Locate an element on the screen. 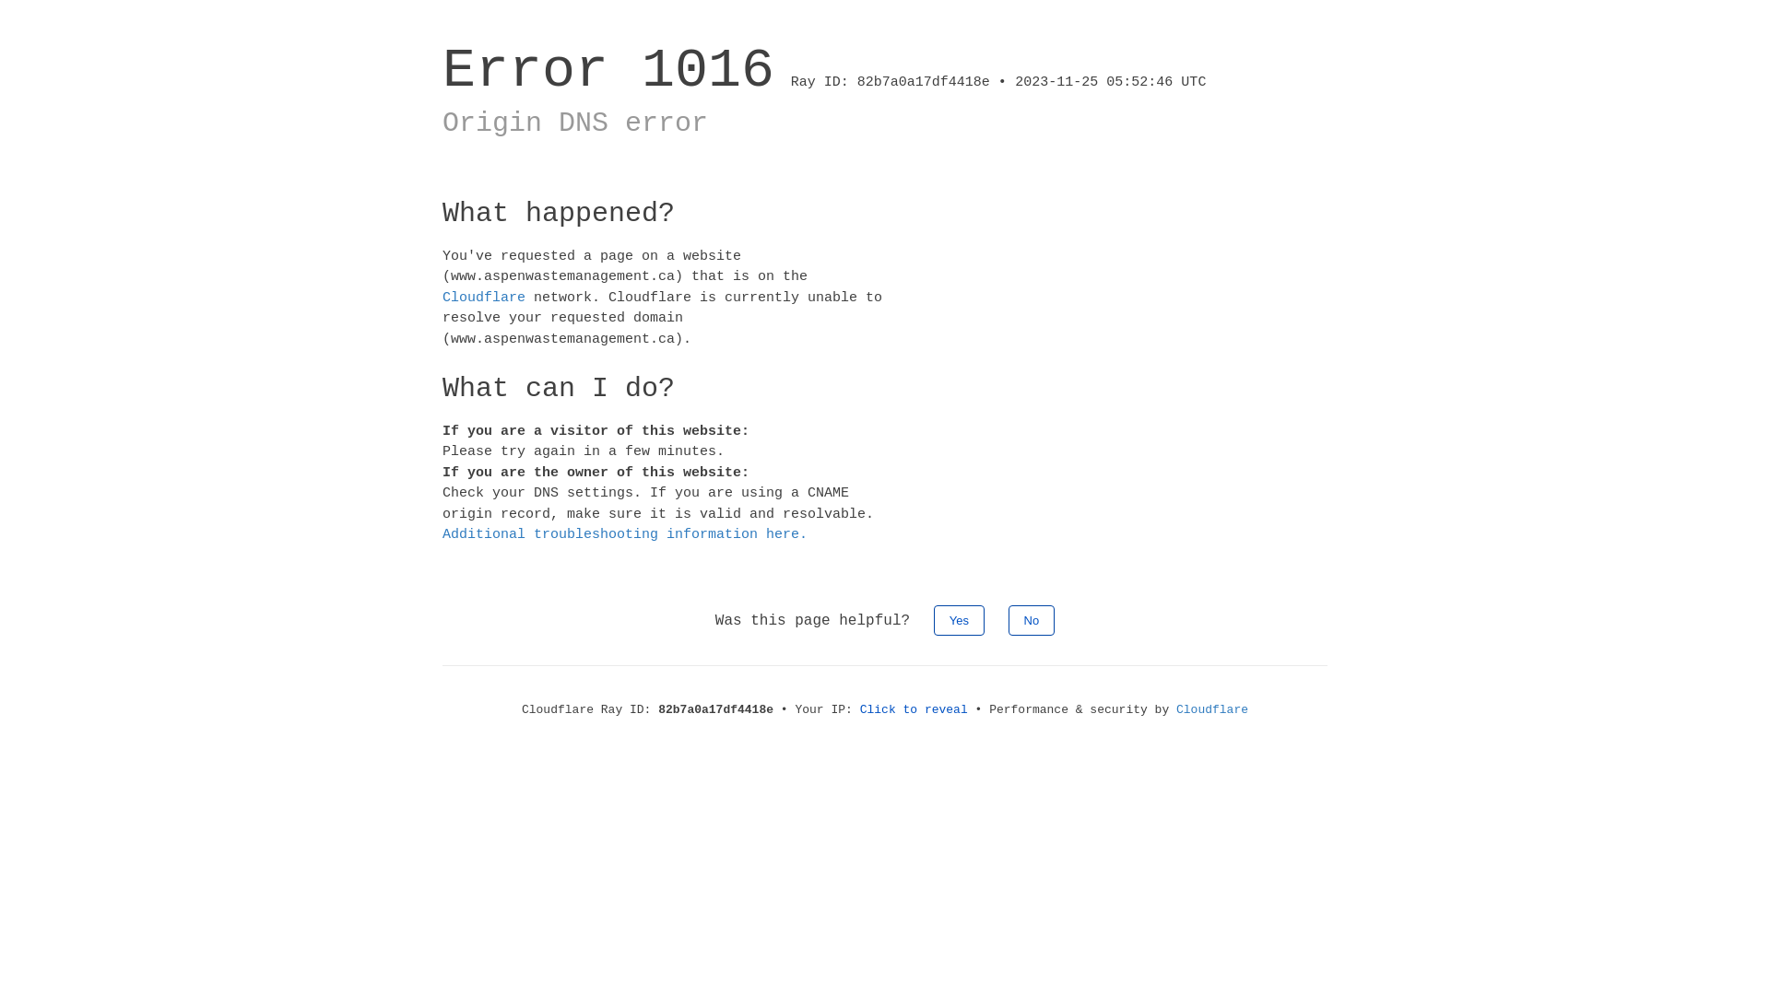 Image resolution: width=1770 pixels, height=995 pixels. 'Yes' is located at coordinates (959, 619).